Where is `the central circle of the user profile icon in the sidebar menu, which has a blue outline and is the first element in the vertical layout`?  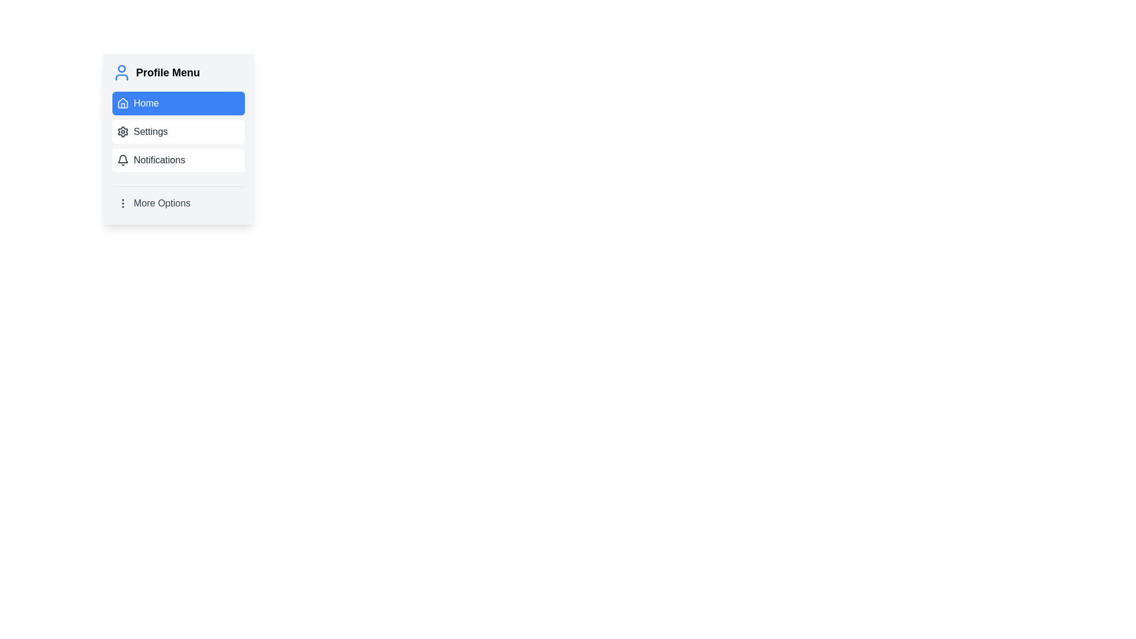
the central circle of the user profile icon in the sidebar menu, which has a blue outline and is the first element in the vertical layout is located at coordinates (122, 68).